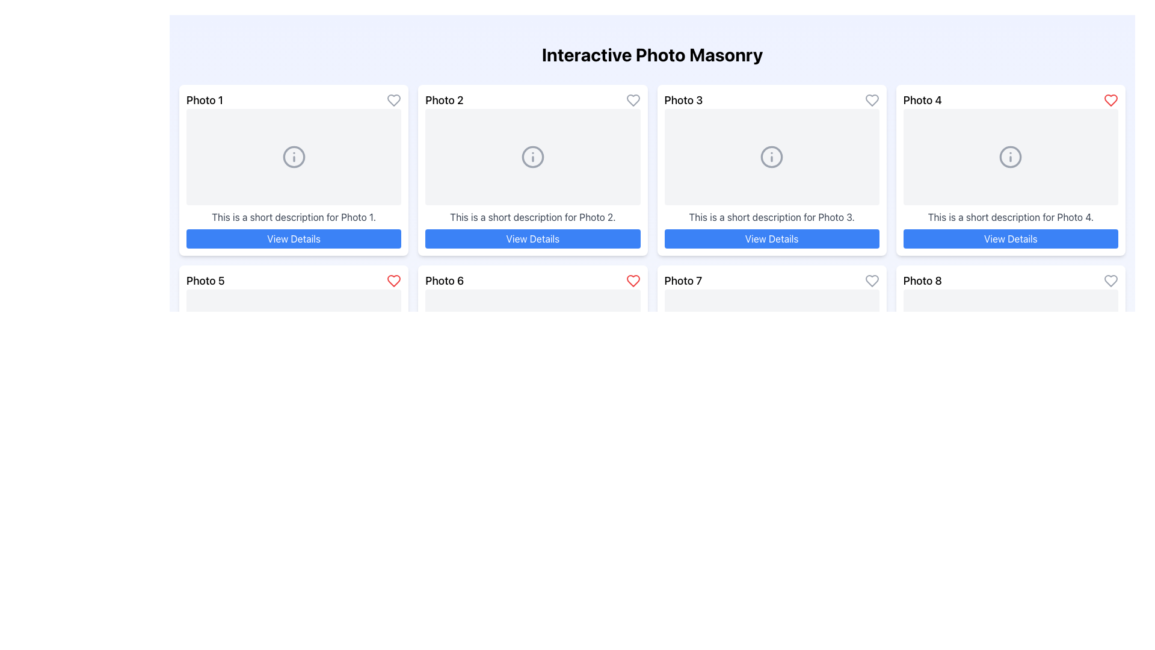 The image size is (1155, 650). I want to click on the button labeled 'View Details' which has a blue background and is located at the bottom of the card labeled 'Photo 1', so click(294, 239).